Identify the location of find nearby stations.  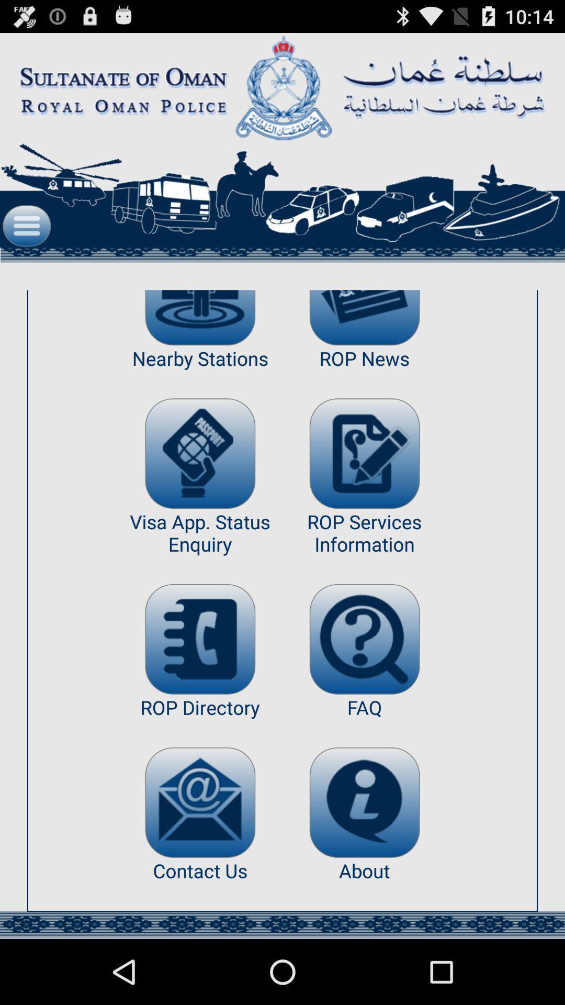
(200, 317).